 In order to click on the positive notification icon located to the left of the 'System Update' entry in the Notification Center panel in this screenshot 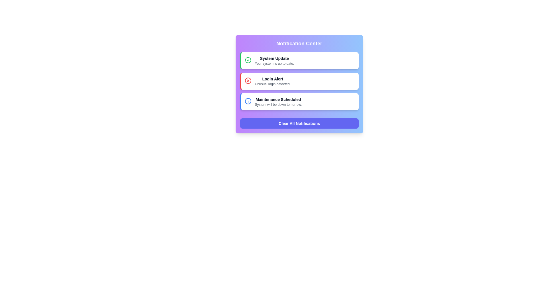, I will do `click(248, 60)`.